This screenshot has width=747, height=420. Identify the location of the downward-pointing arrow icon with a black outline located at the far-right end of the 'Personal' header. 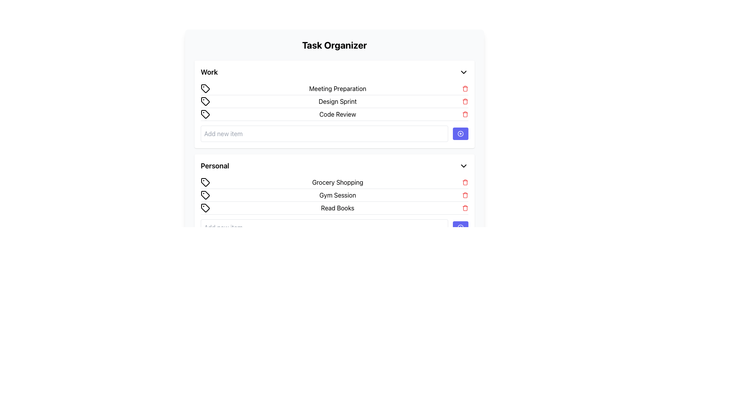
(463, 166).